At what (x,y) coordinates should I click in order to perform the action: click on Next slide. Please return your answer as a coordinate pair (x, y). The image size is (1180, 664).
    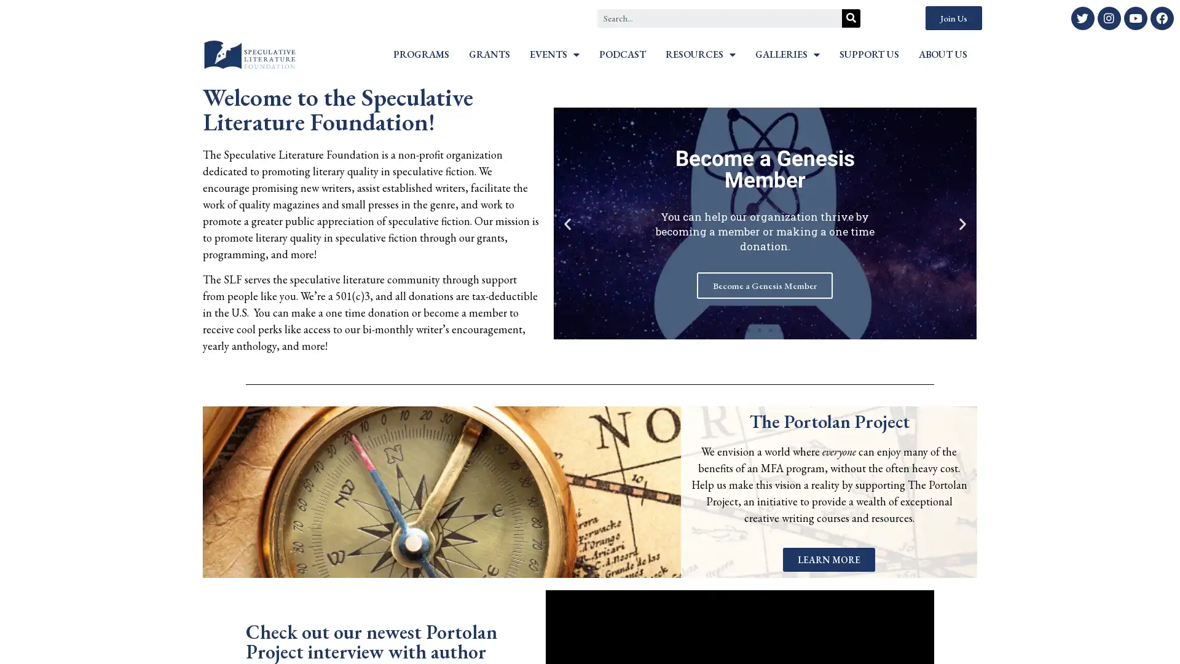
    Looking at the image, I should click on (962, 223).